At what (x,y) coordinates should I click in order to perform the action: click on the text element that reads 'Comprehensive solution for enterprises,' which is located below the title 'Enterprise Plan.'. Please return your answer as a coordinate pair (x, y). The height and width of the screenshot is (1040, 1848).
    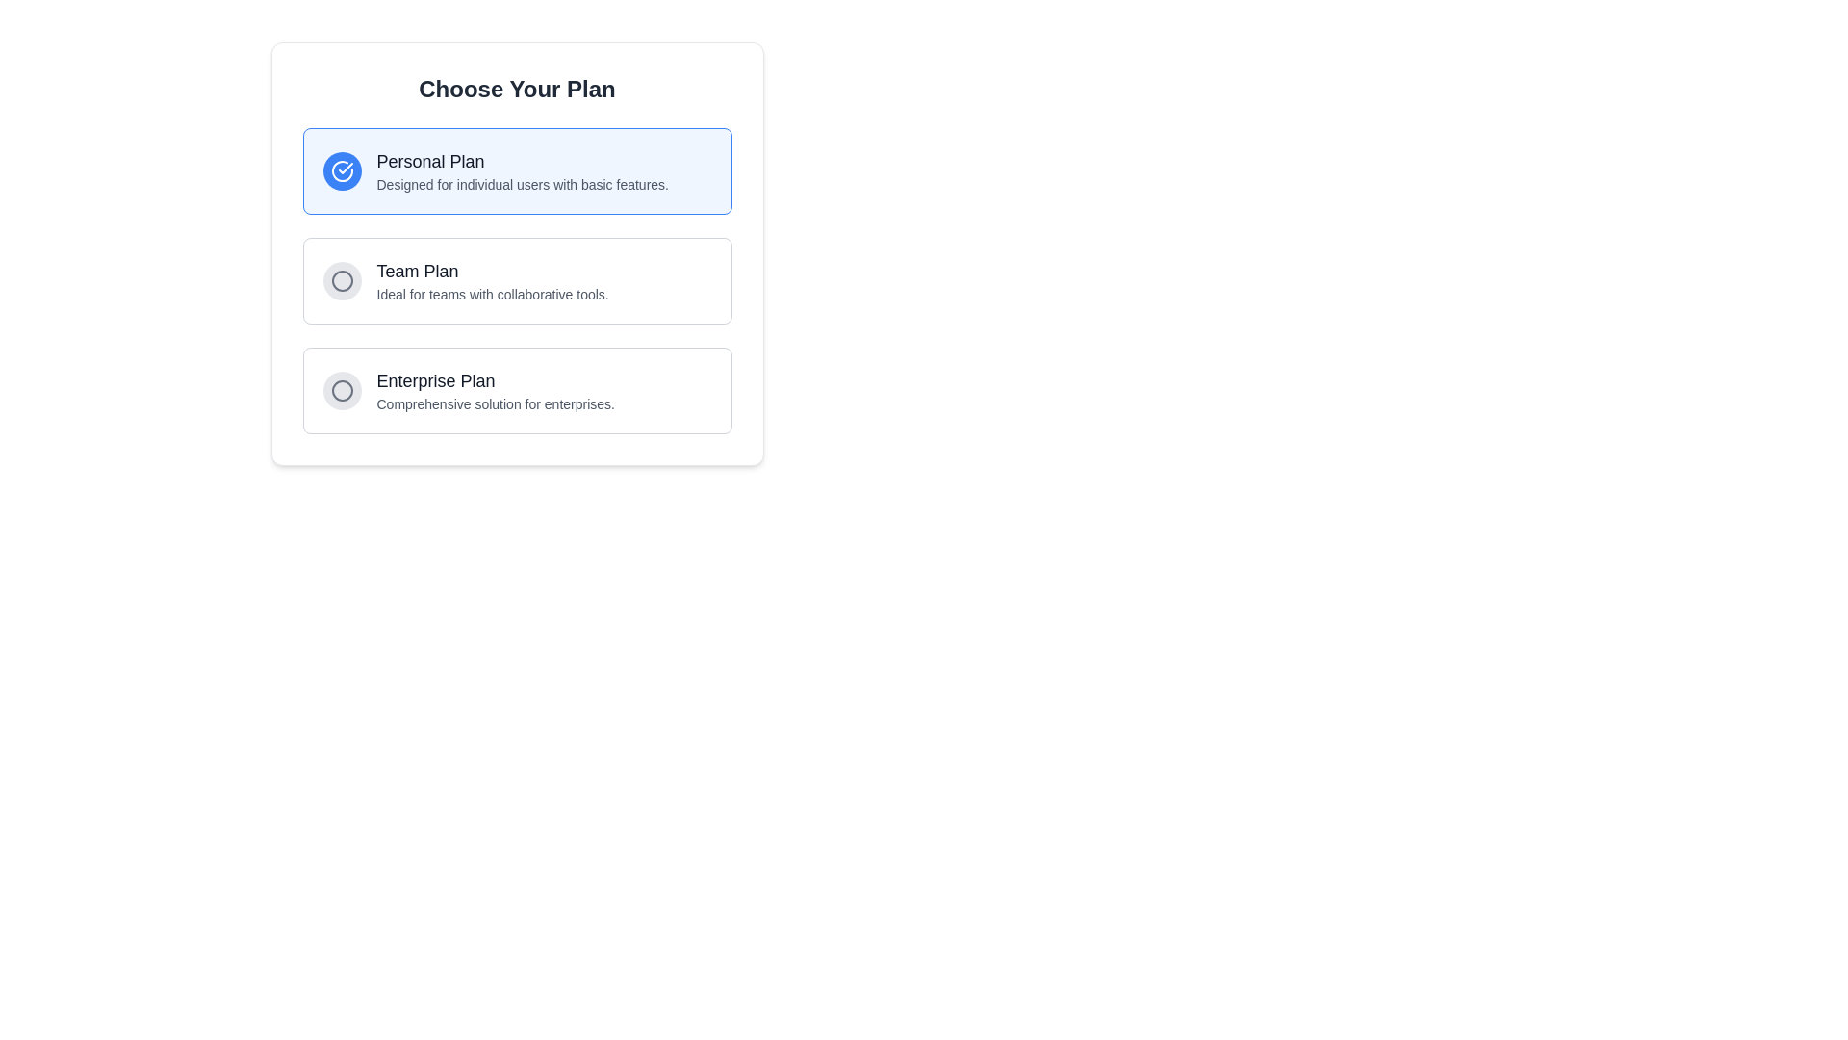
    Looking at the image, I should click on (496, 403).